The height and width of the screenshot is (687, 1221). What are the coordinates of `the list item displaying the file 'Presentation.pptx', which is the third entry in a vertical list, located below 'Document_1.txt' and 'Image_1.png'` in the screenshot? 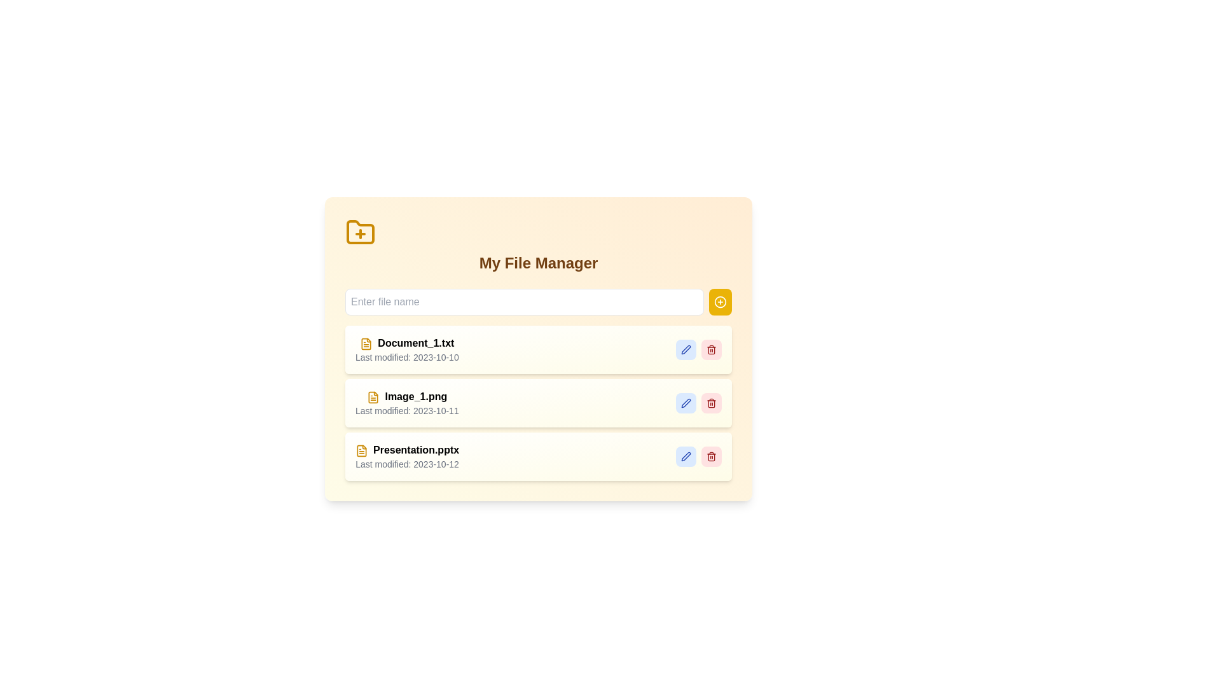 It's located at (538, 455).